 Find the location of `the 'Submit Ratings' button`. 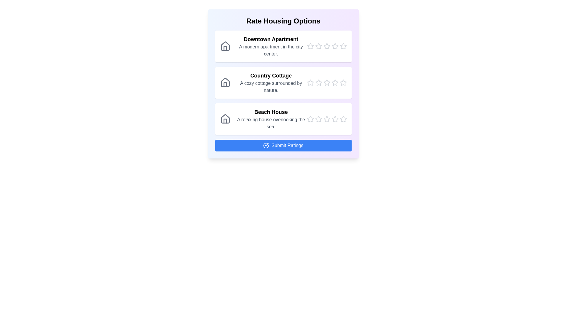

the 'Submit Ratings' button is located at coordinates (283, 145).